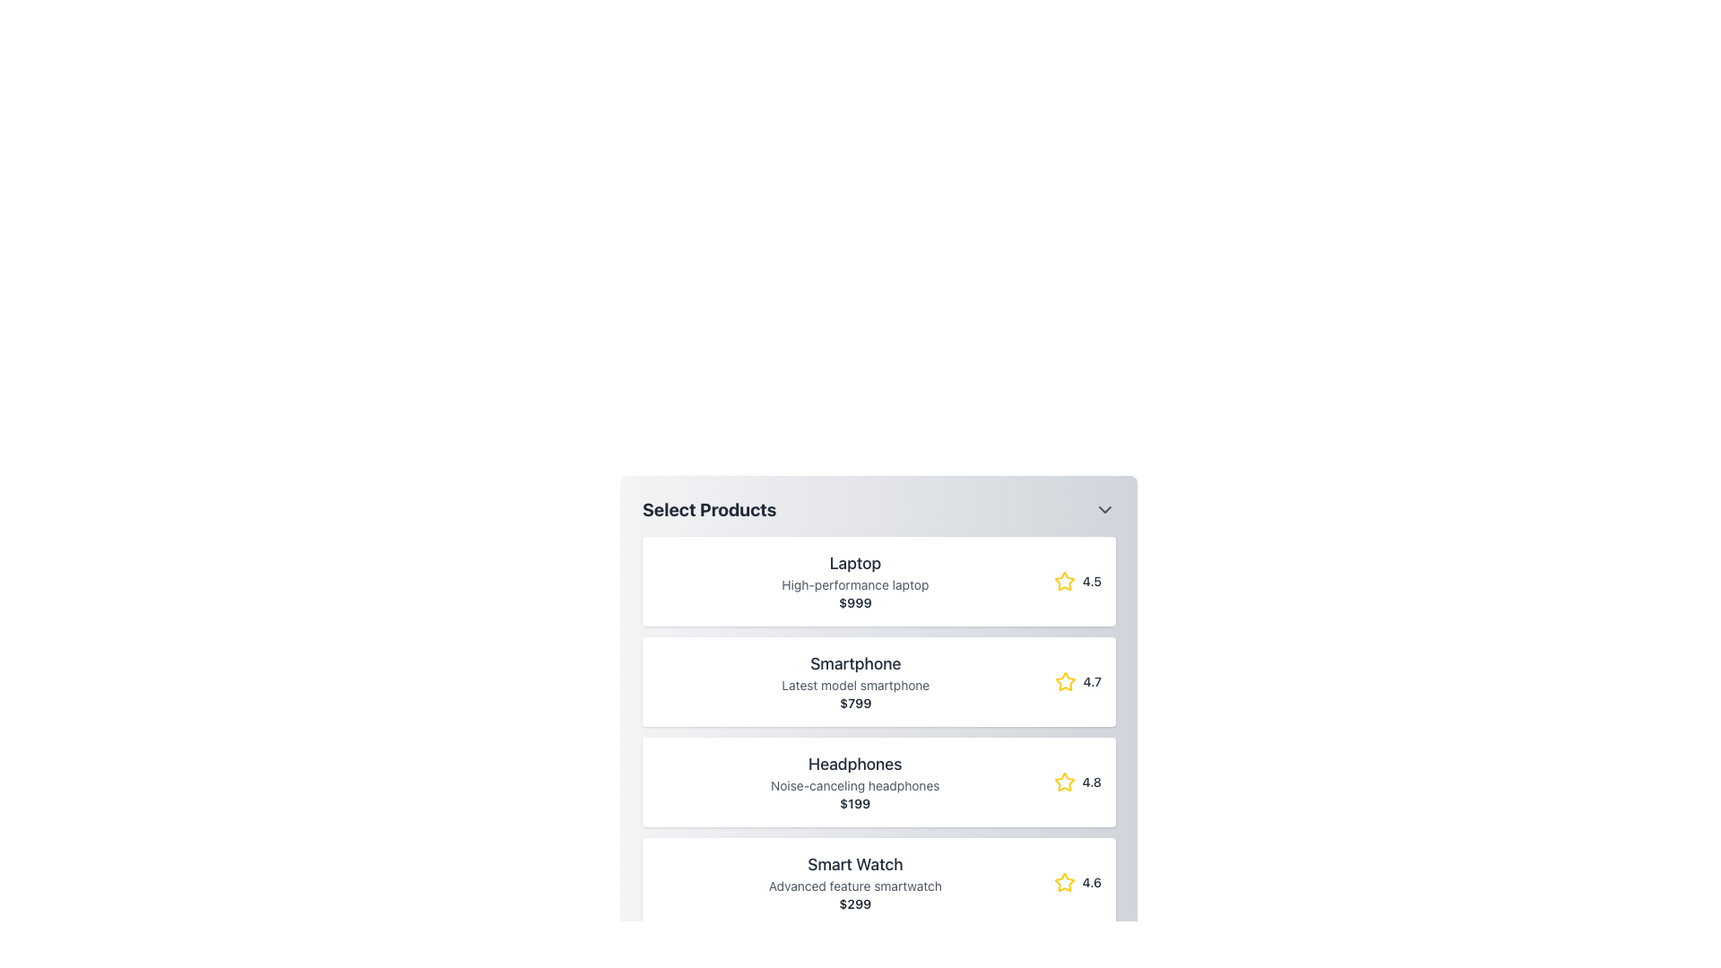  What do you see at coordinates (1065, 681) in the screenshot?
I see `the five-pointed star rating icon with a yellow border and white fill, which indicates a rating of 4.7 for the 'Smartphone' item in the product list` at bounding box center [1065, 681].